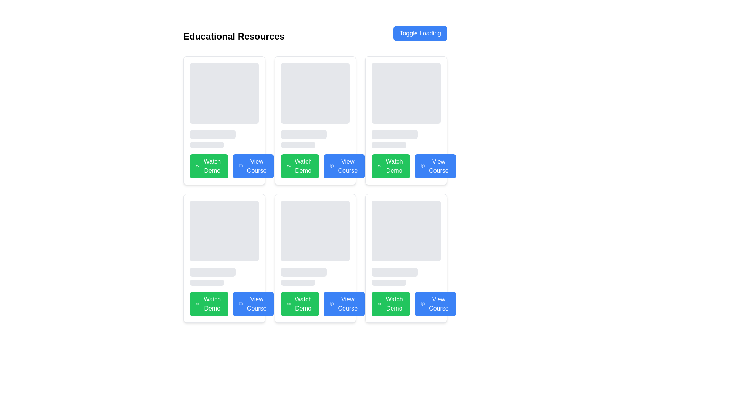  I want to click on the 'View Course' button, which has a blue background, rounded corners, white text, and a small book icon, located in the bottom-right of the card layout, following the 'Watch Demo' button, so click(344, 303).